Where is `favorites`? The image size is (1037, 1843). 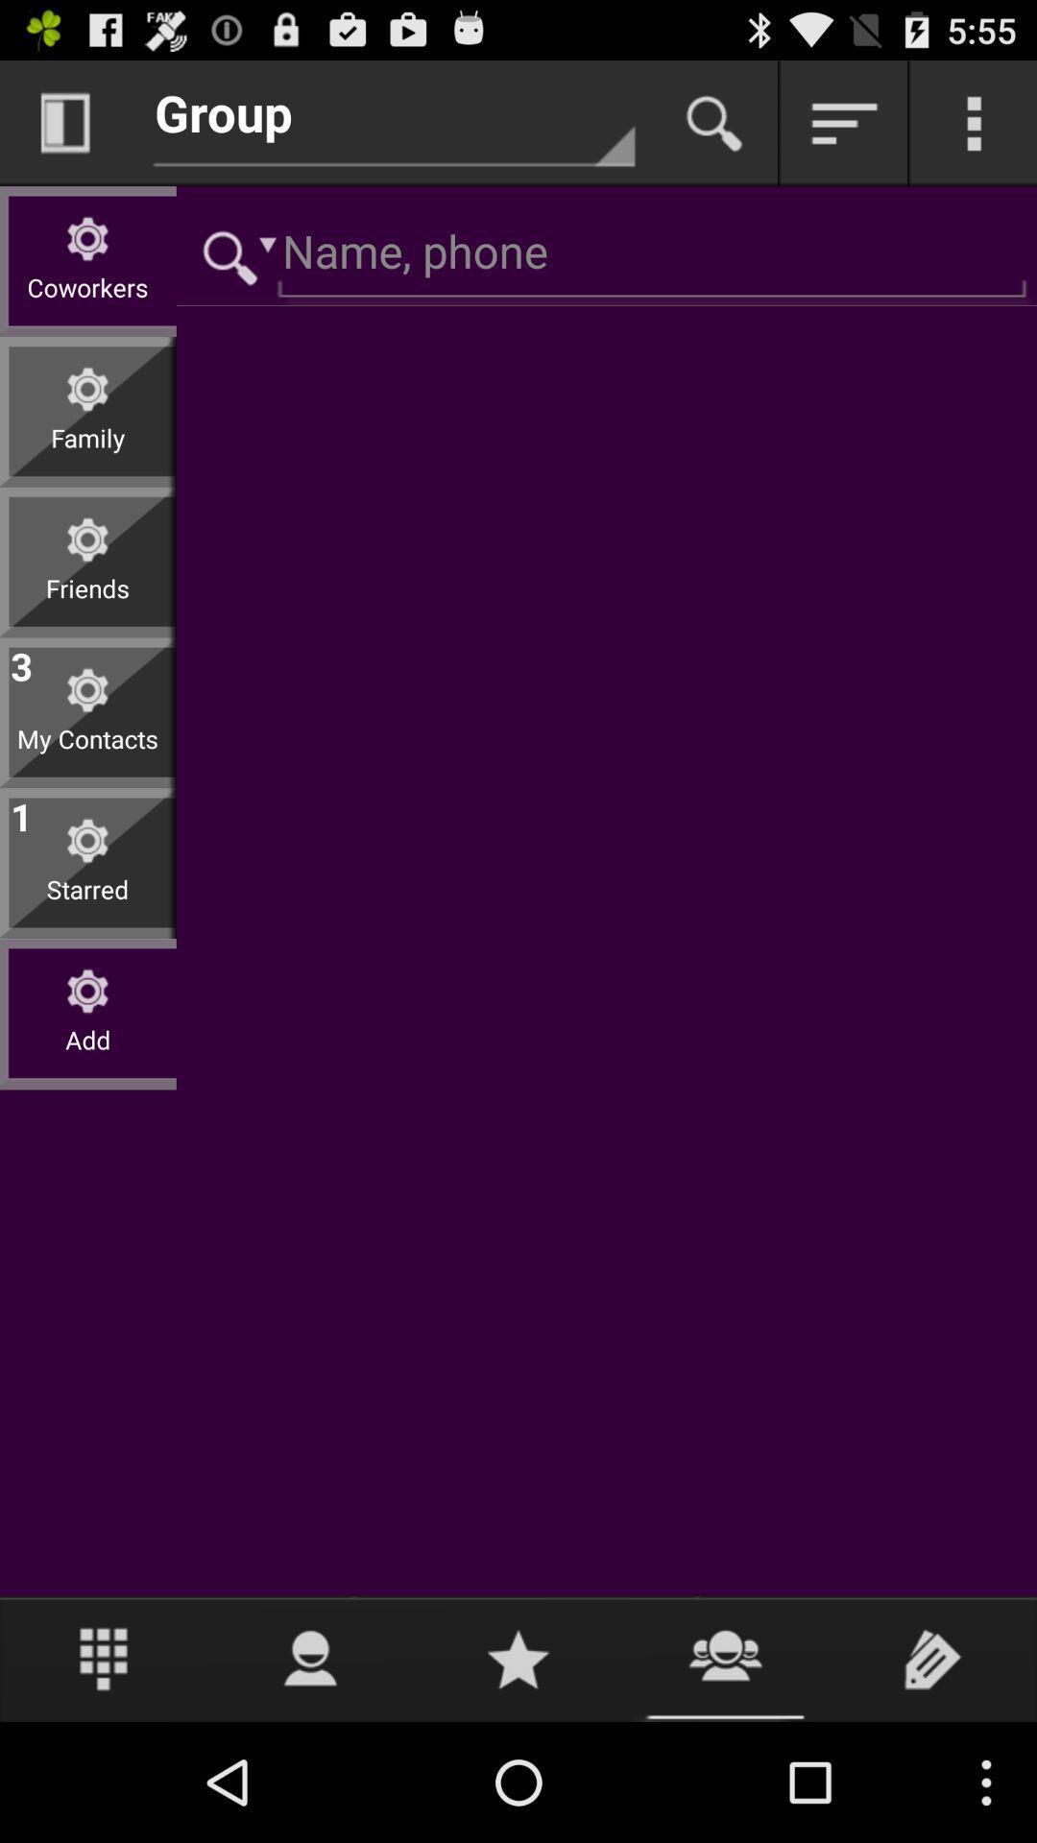 favorites is located at coordinates (518, 1658).